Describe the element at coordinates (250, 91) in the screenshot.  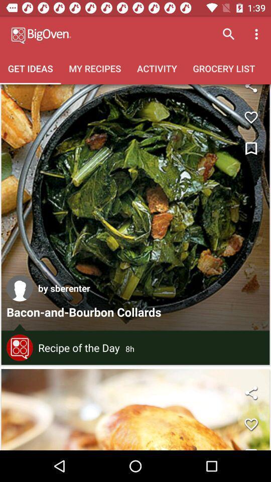
I see `zoom the image` at that location.